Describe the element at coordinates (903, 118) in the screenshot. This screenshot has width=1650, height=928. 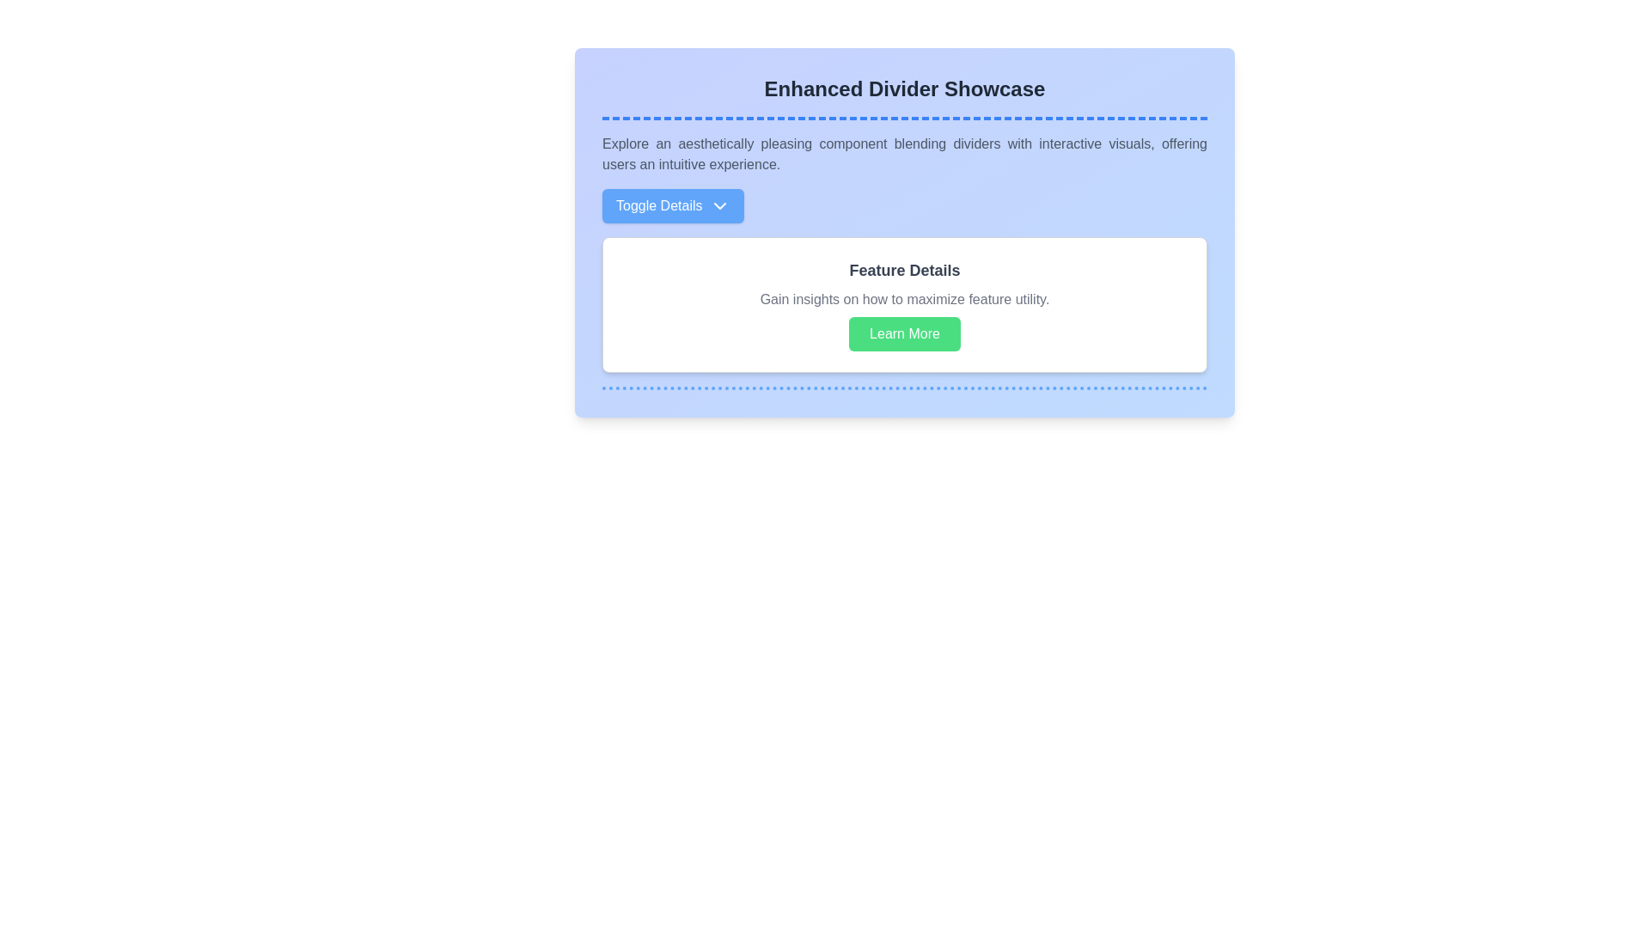
I see `the horizontal dashed line divider styled in blue, located just below the title 'Enhanced Divider Showcase'` at that location.